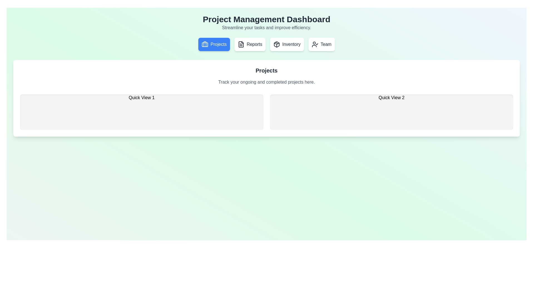 The width and height of the screenshot is (534, 300). I want to click on text content of the title or header located at the top section of the interface, which serves as an indicator of the application's purpose, so click(266, 19).